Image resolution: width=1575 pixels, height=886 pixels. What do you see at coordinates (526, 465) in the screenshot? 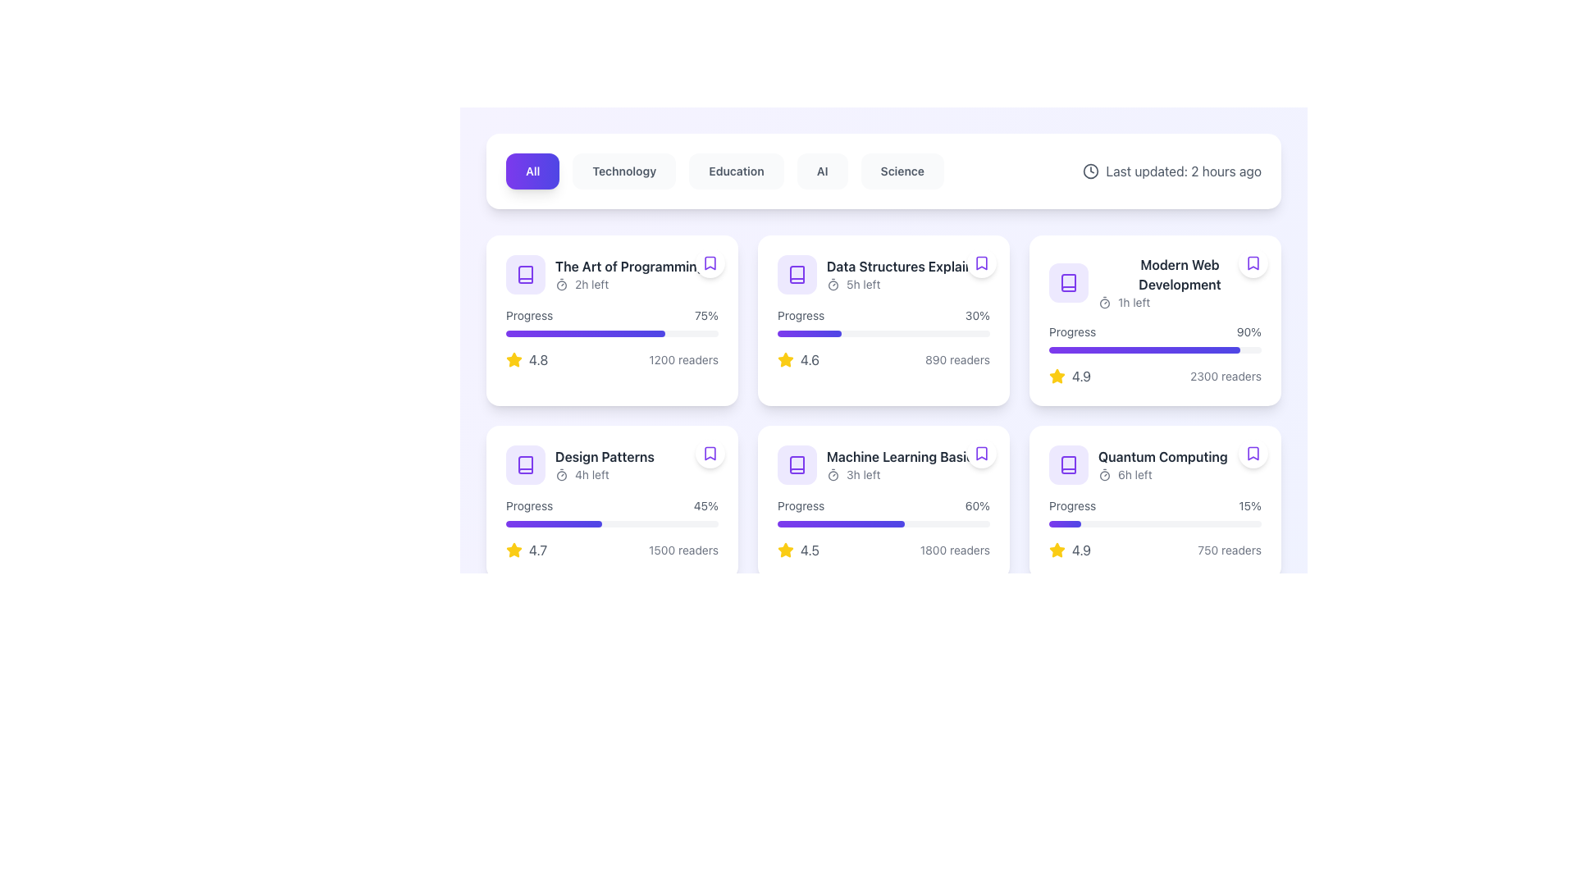
I see `the stylized book icon with a violet color located in the top left corner of the card in the second row, first column of the grid layout` at bounding box center [526, 465].